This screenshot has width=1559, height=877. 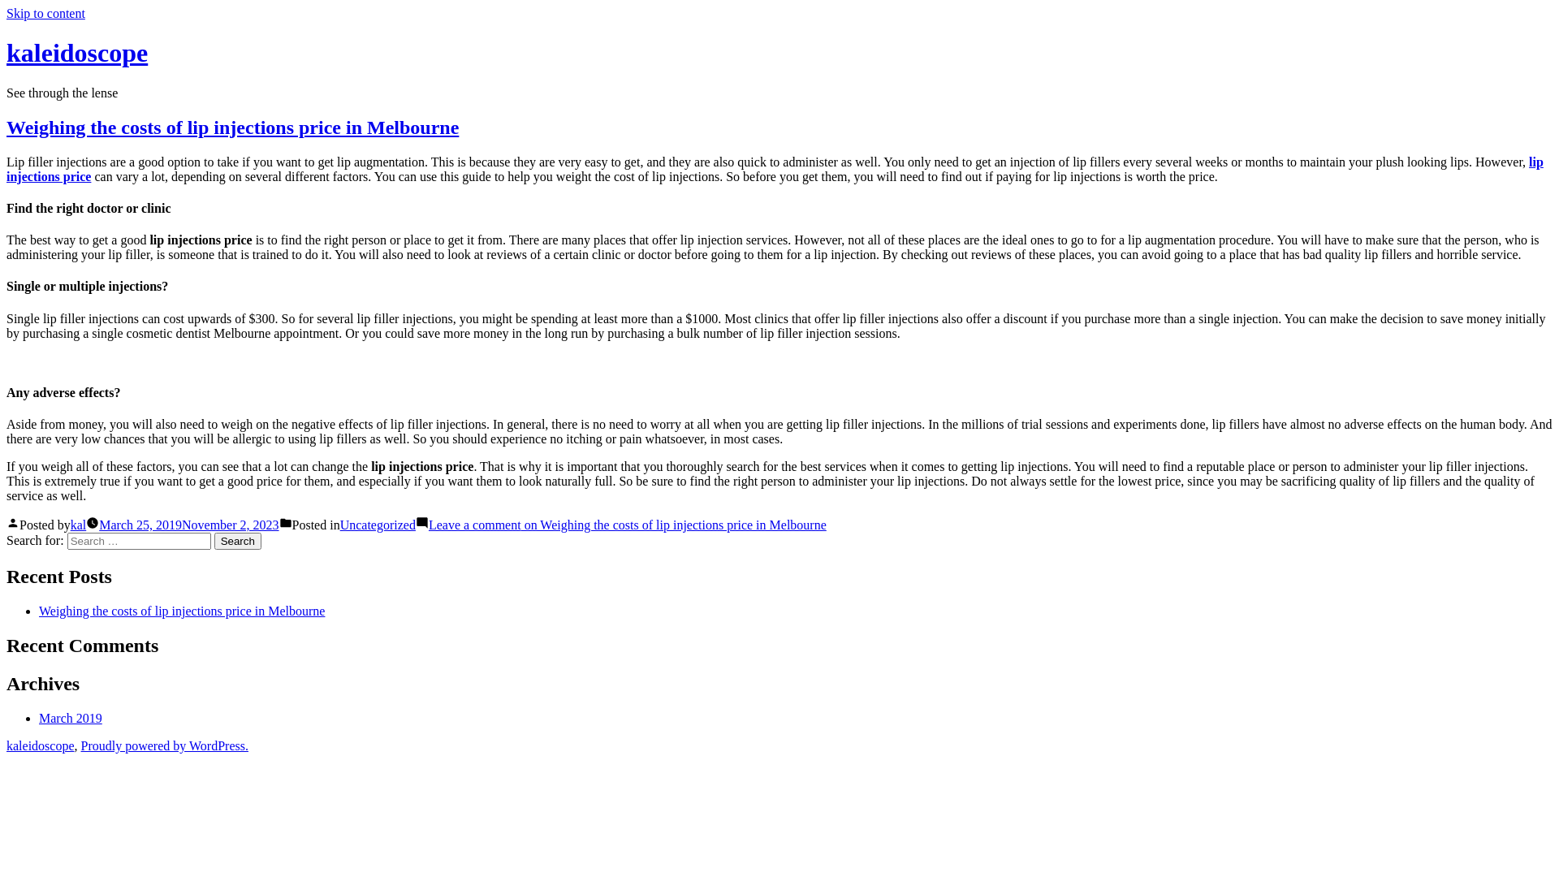 I want to click on 'March 2019', so click(x=69, y=717).